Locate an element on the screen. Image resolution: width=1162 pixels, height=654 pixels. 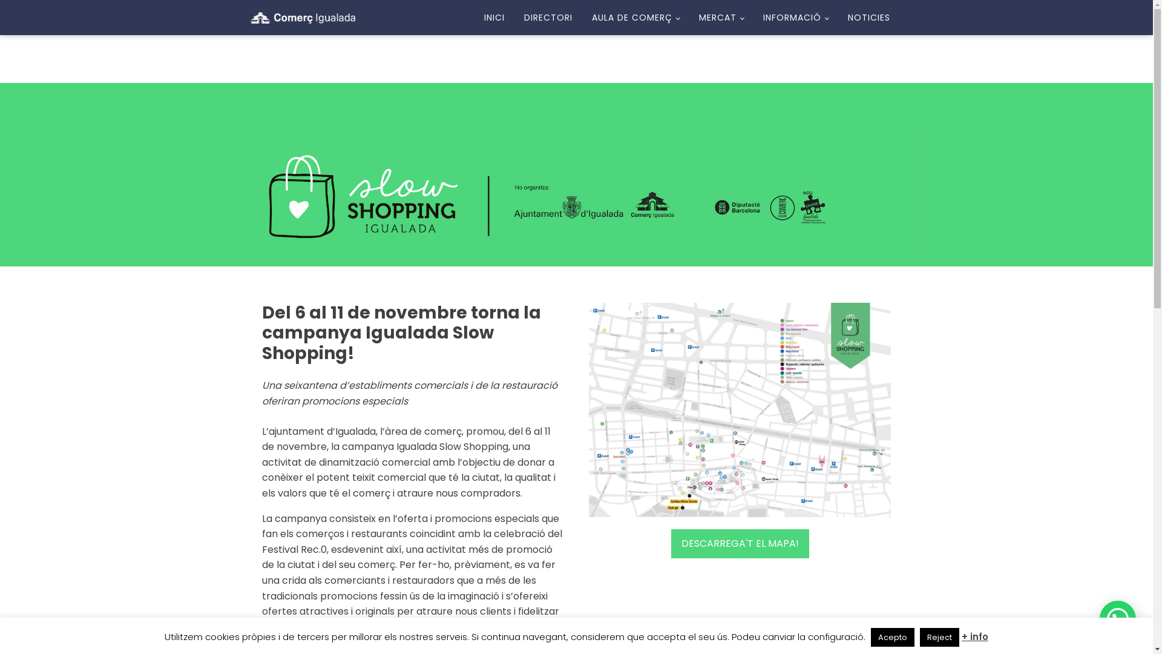
'NOTICIES' is located at coordinates (868, 18).